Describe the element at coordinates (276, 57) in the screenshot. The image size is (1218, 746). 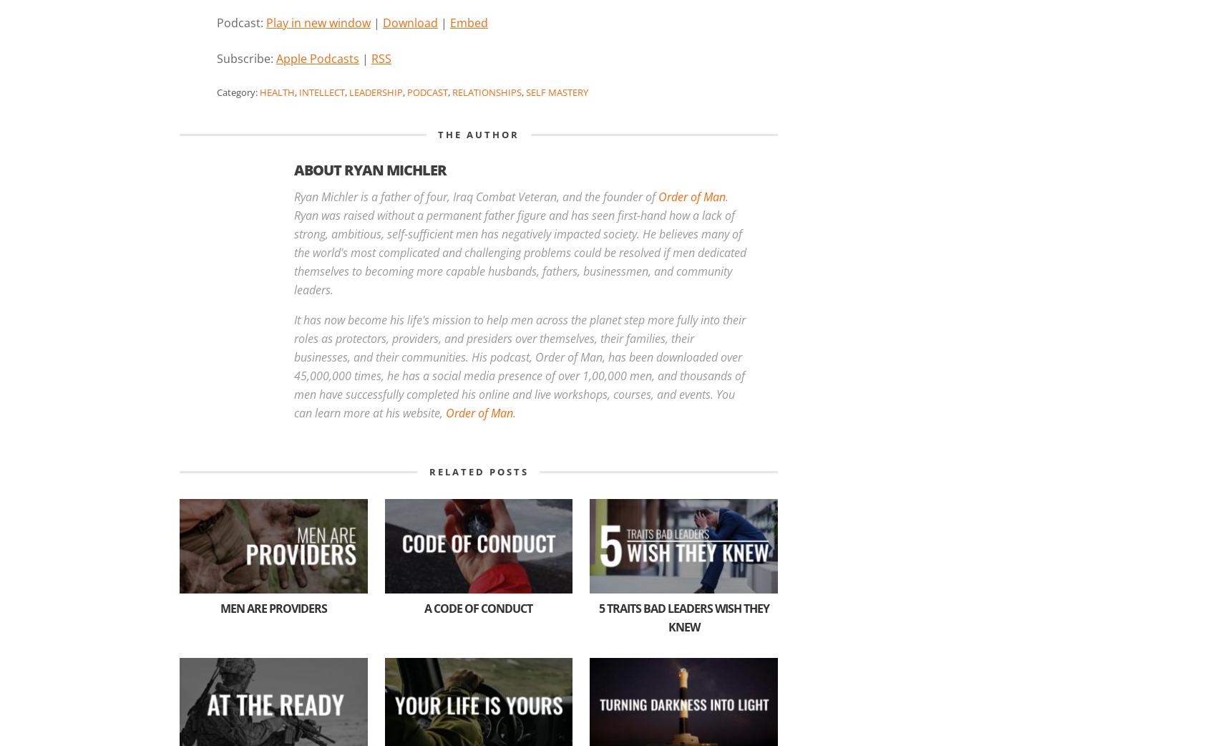
I see `'Apple Podcasts'` at that location.